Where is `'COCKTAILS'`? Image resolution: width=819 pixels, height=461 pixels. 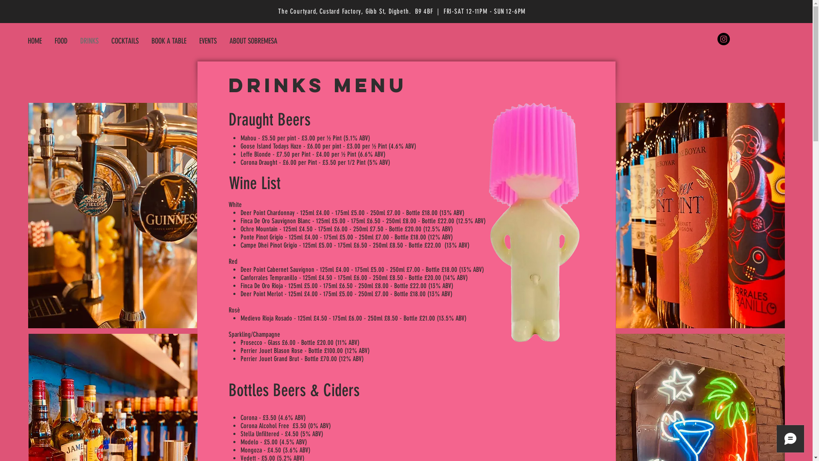
'COCKTAILS' is located at coordinates (104, 41).